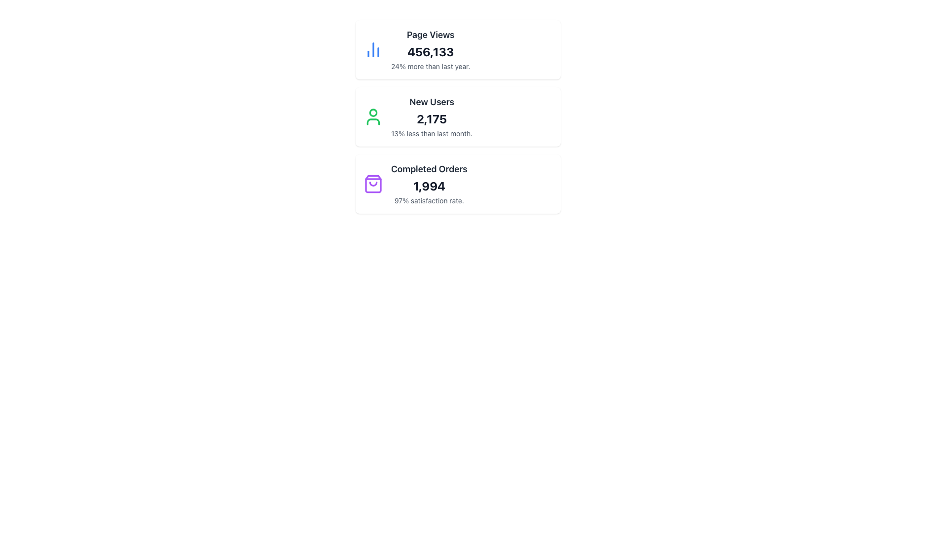  Describe the element at coordinates (432, 118) in the screenshot. I see `text label that conveys the number of new users, located below 'New Users' and above '13% less than last month.'` at that location.